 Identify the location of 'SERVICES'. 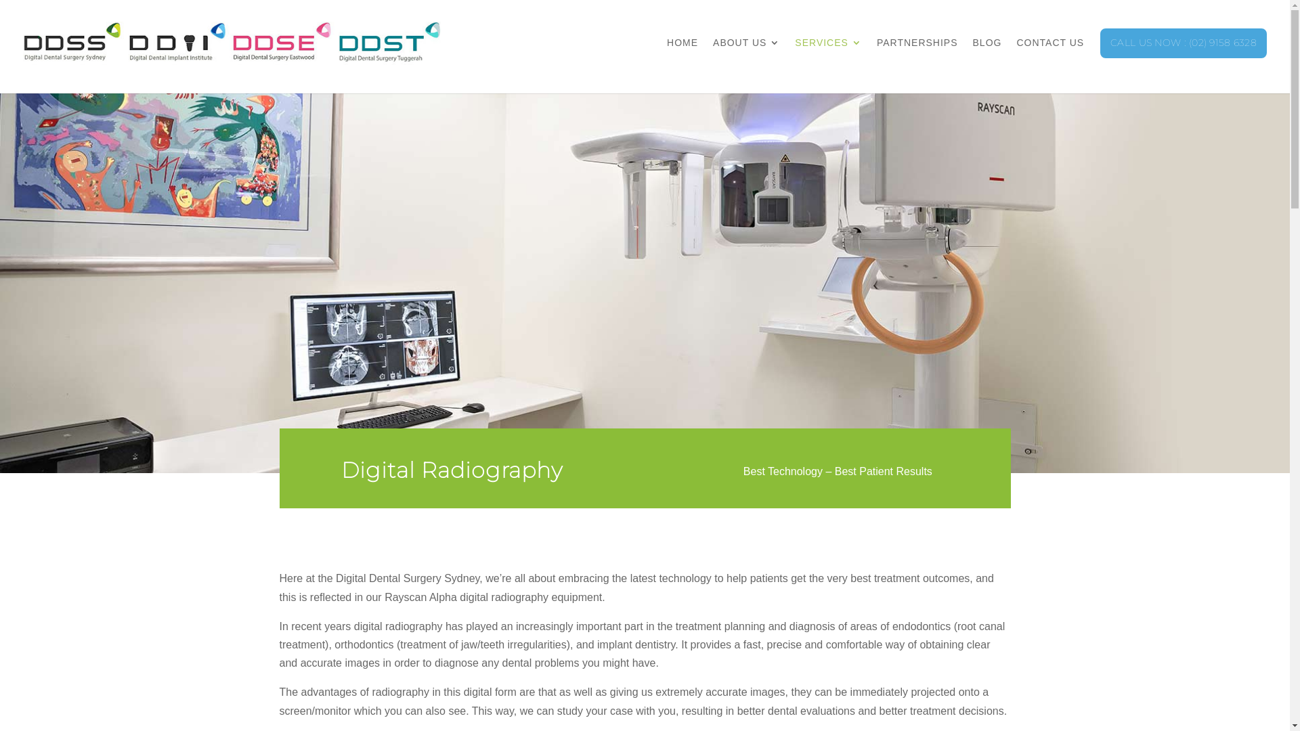
(827, 56).